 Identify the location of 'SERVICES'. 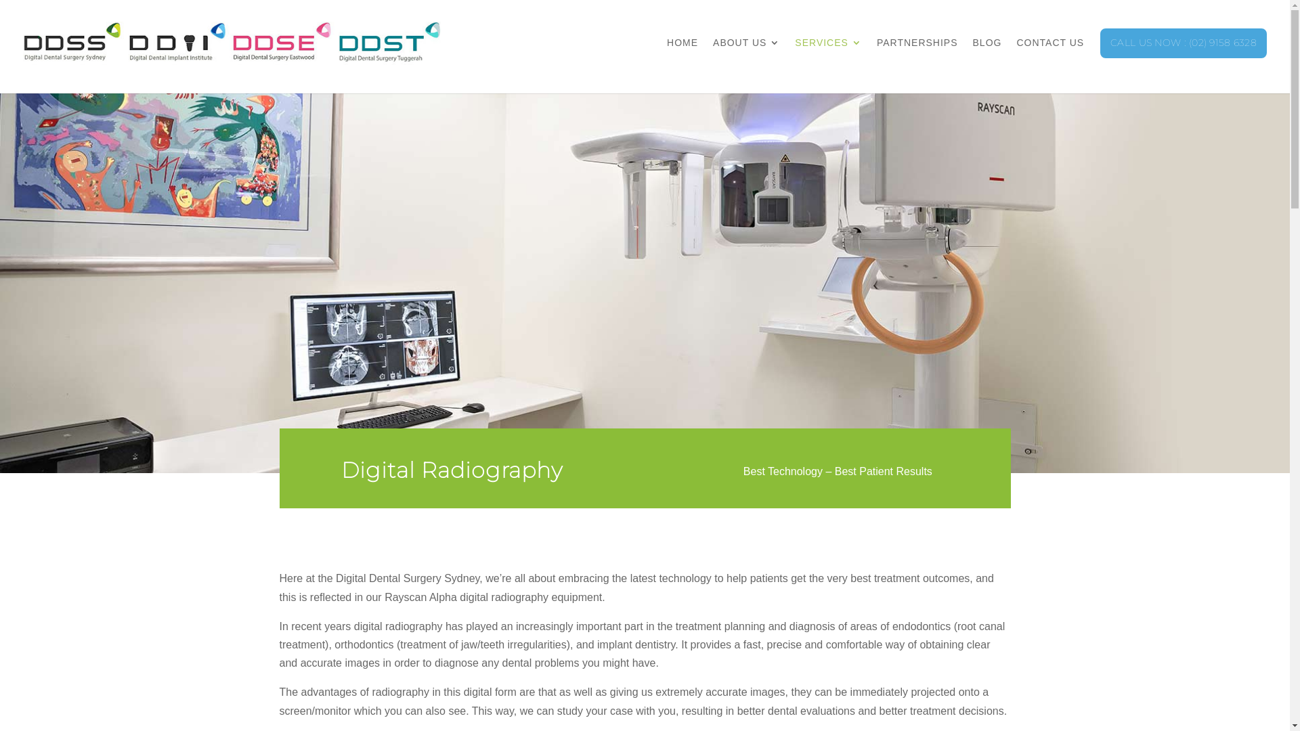
(827, 56).